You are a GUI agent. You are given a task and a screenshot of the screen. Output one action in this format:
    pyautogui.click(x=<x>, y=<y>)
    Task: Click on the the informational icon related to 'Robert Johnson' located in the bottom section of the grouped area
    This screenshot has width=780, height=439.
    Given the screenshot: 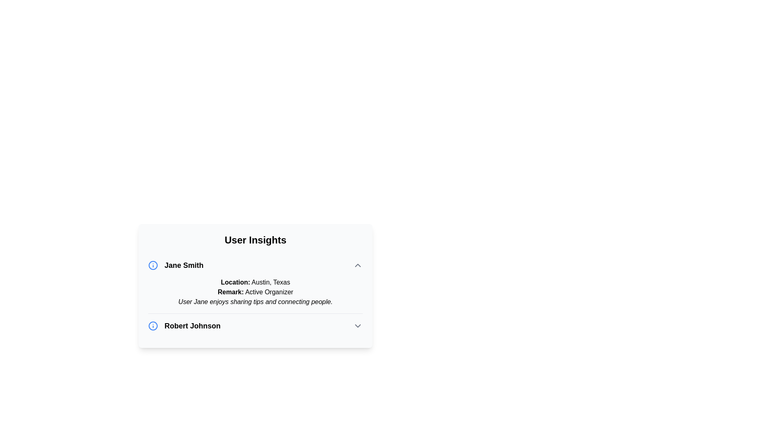 What is the action you would take?
    pyautogui.click(x=153, y=326)
    